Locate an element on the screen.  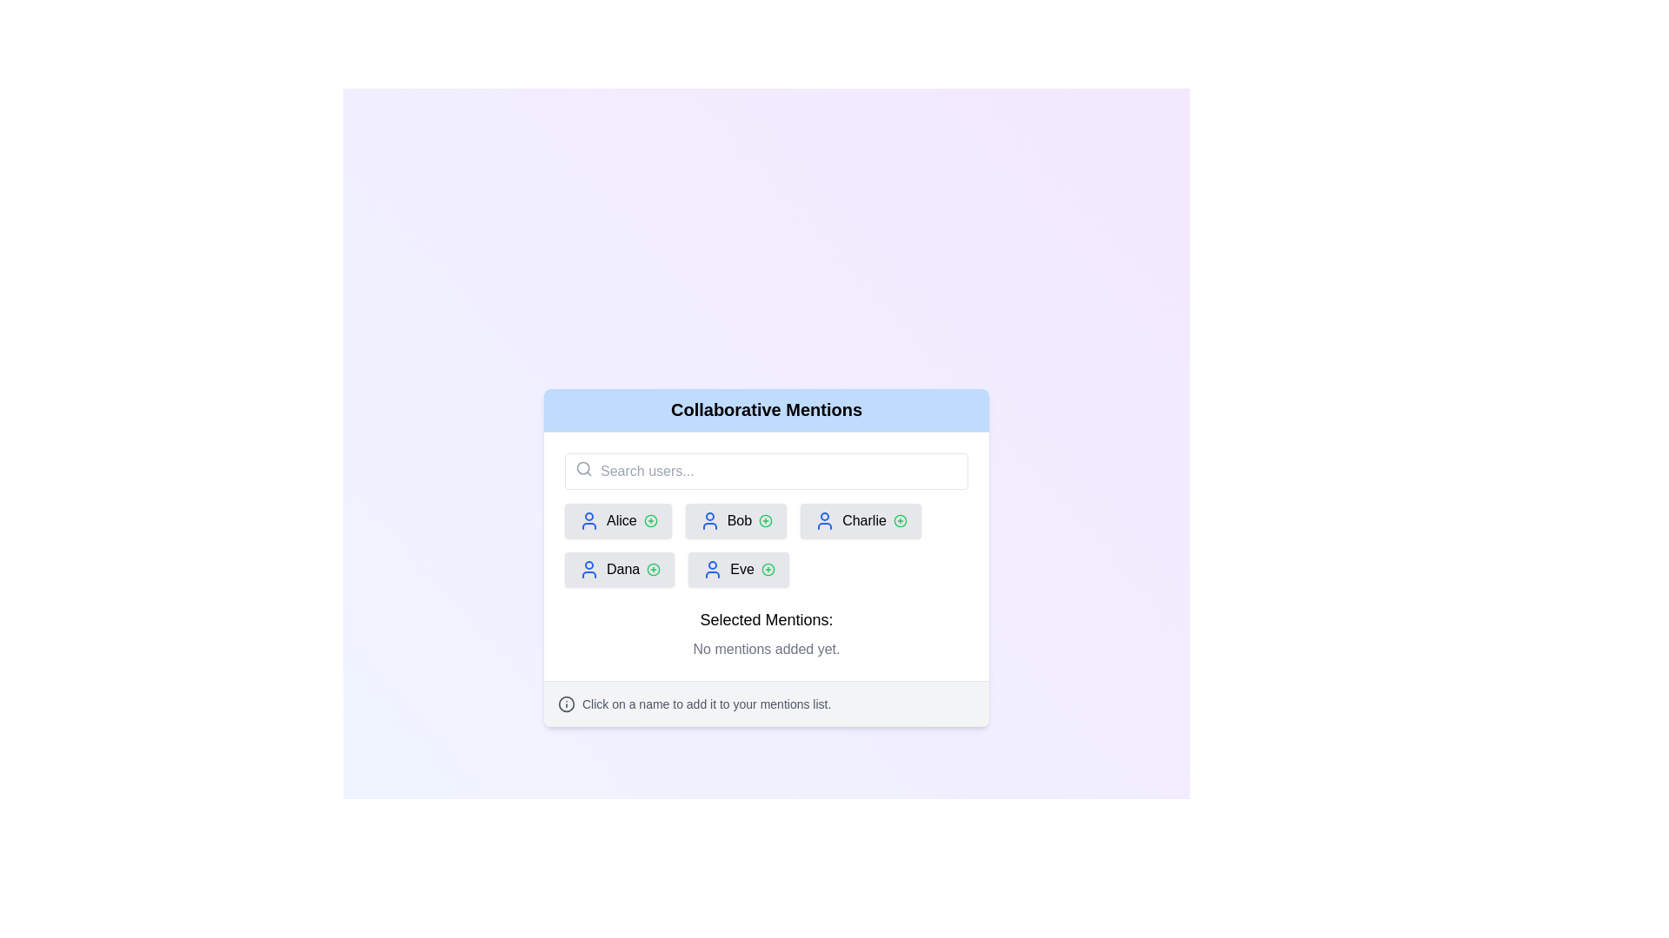
the user profile icon, which is colored blue and positioned to the left of the text label 'Dana' is located at coordinates (588, 569).